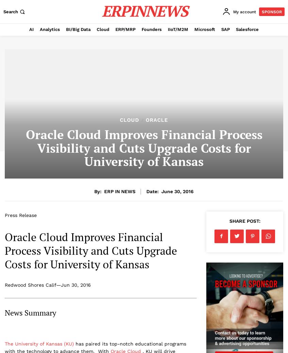  What do you see at coordinates (49, 29) in the screenshot?
I see `'Analytics'` at bounding box center [49, 29].